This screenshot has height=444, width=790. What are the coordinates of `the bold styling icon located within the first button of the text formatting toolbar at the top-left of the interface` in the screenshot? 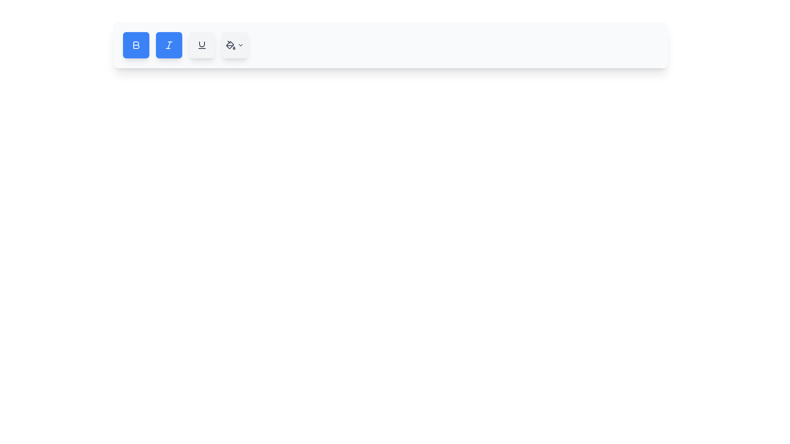 It's located at (136, 45).